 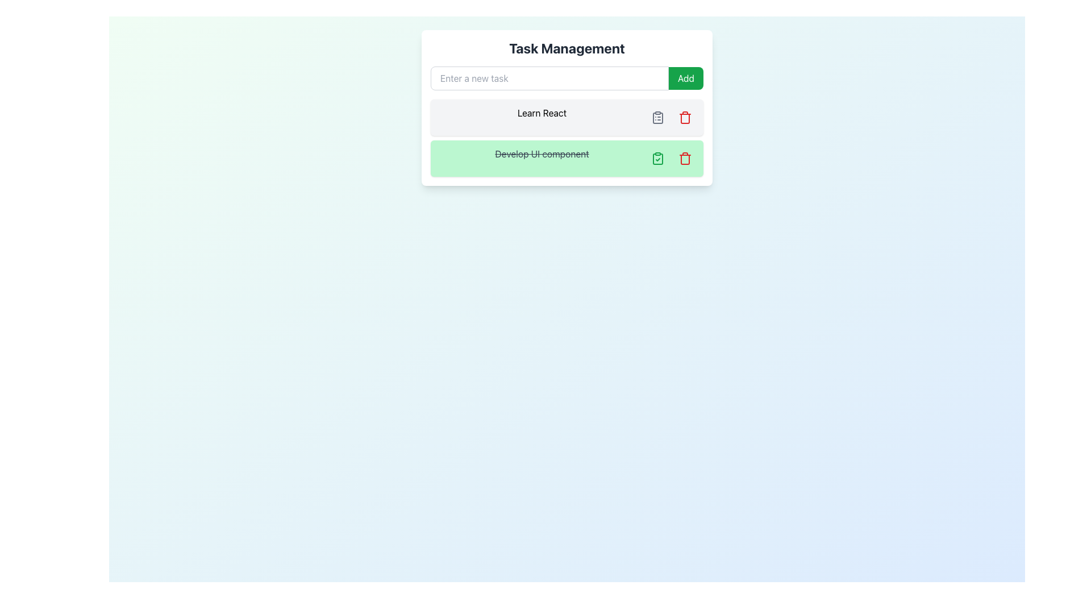 I want to click on the circular green-bordered button with a clipboard icon and checkmark to mark the task 'Develop UI component' as complete, so click(x=657, y=158).